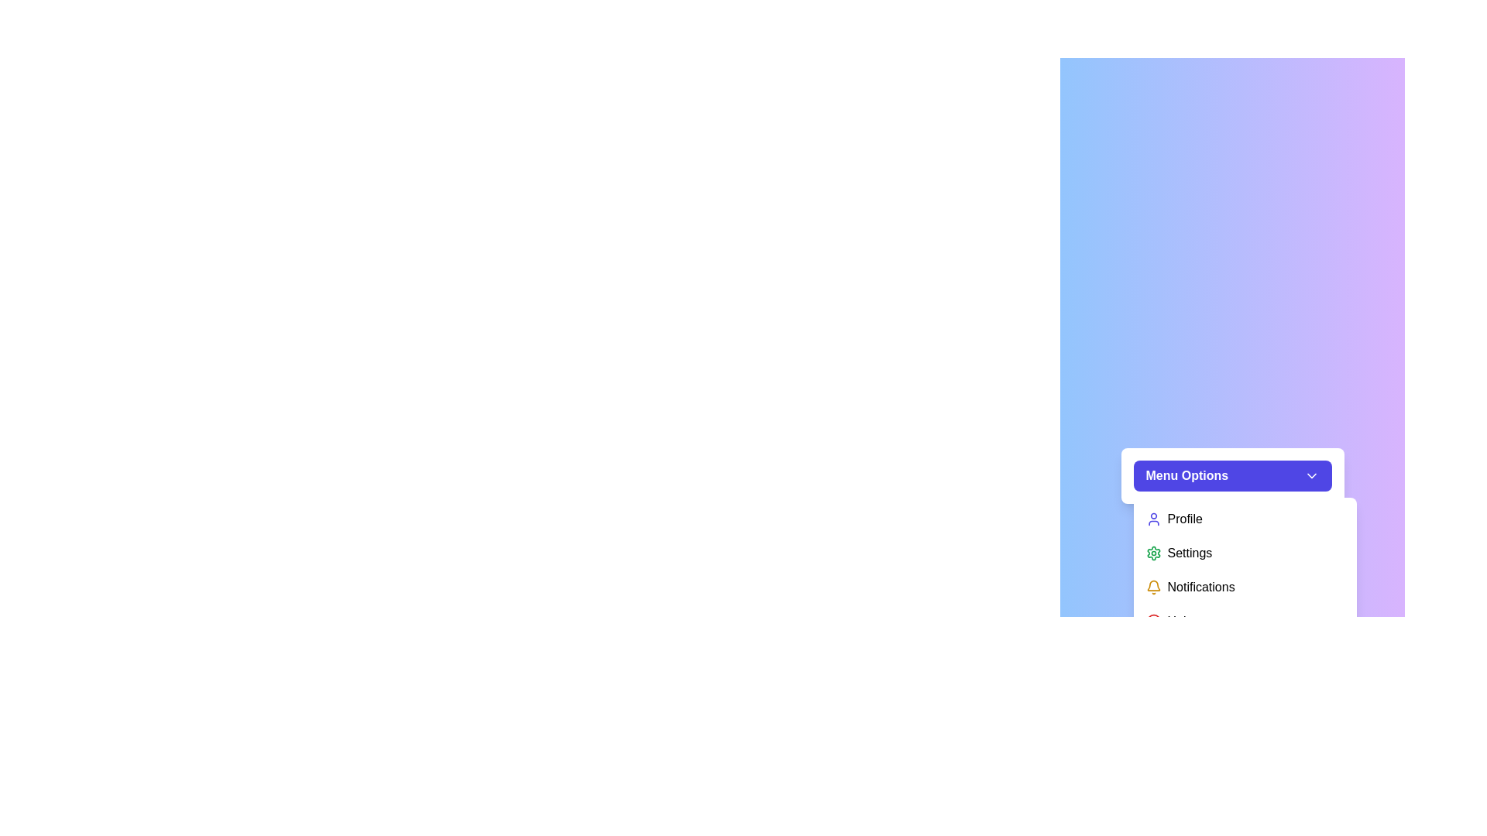 This screenshot has height=836, width=1487. Describe the element at coordinates (1245, 620) in the screenshot. I see `the 'Help' menu item located at the bottom of the dropdown menu` at that location.